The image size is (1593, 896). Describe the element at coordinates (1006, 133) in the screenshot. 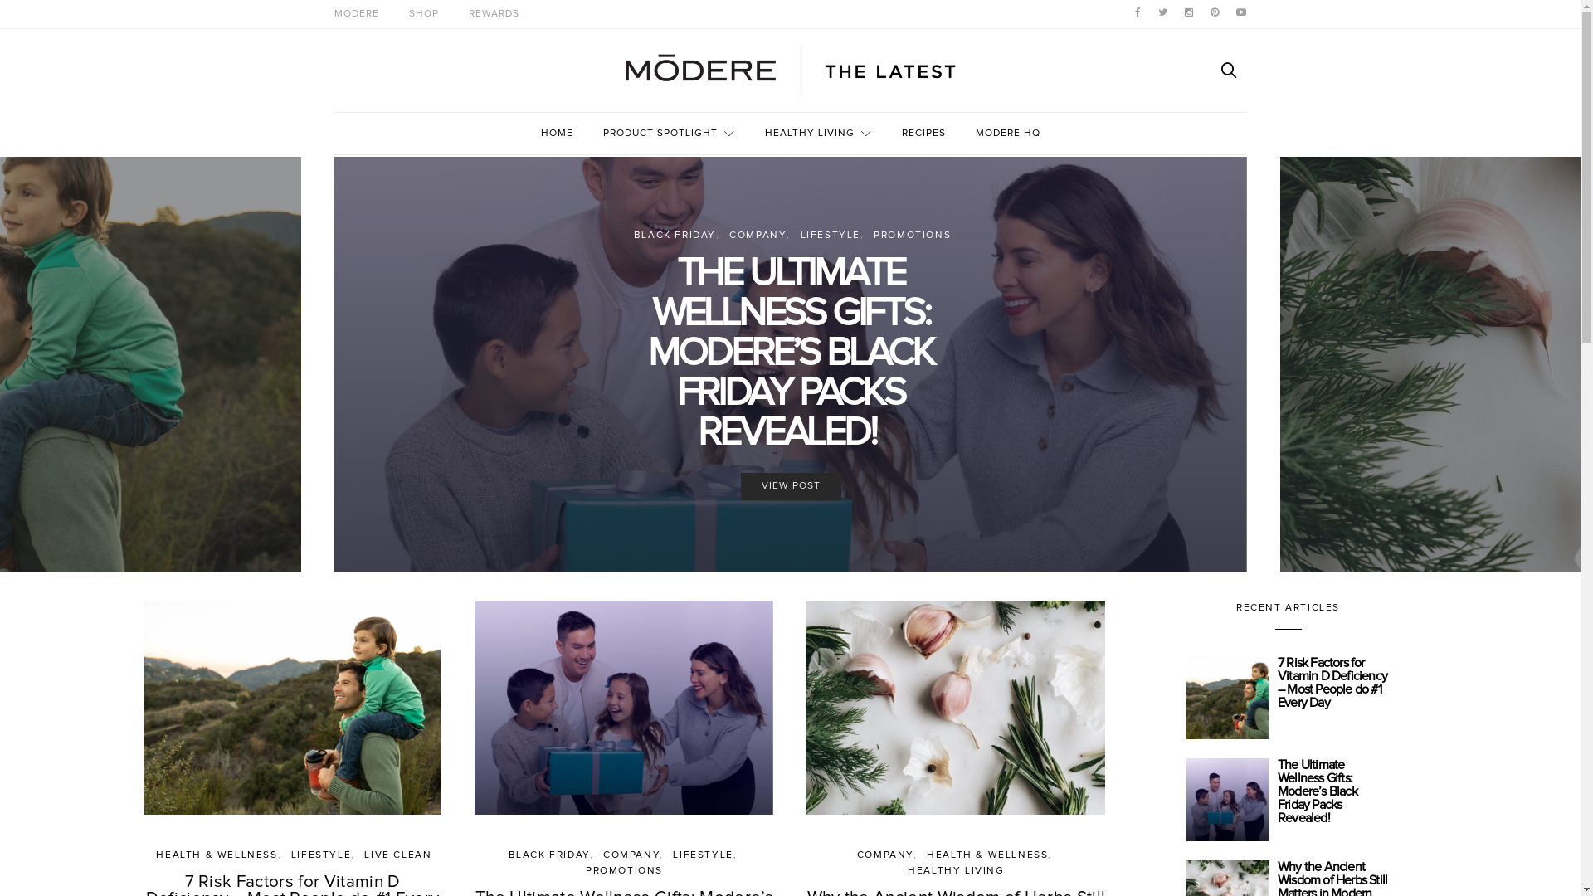

I see `'MODERE HQ'` at that location.